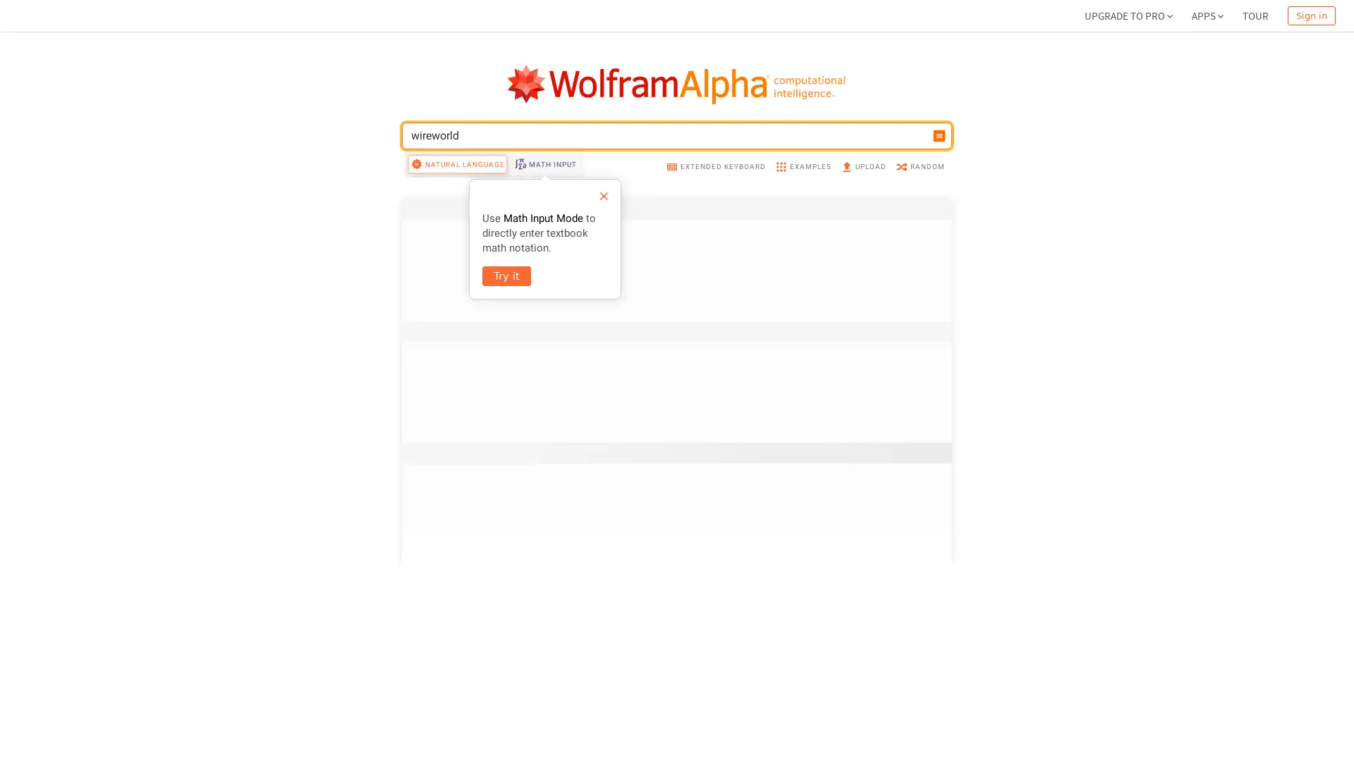 The width and height of the screenshot is (1354, 761). Describe the element at coordinates (862, 285) in the screenshot. I see `UPLOAD` at that location.